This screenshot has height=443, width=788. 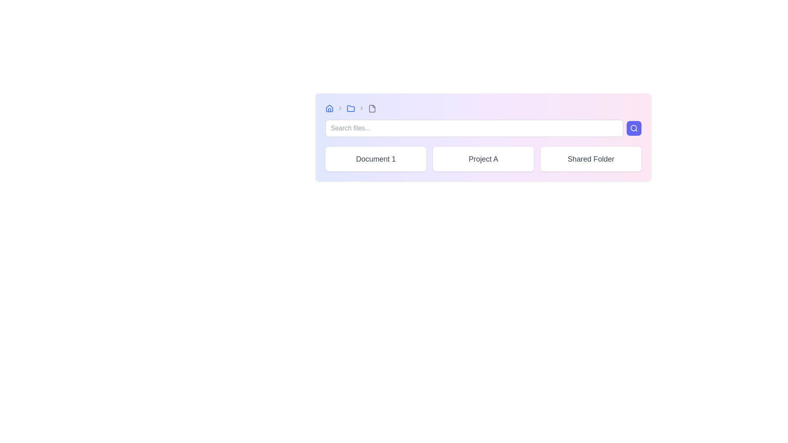 I want to click on the blue house icon on the left-hand side of the navigation bar, so click(x=329, y=107).